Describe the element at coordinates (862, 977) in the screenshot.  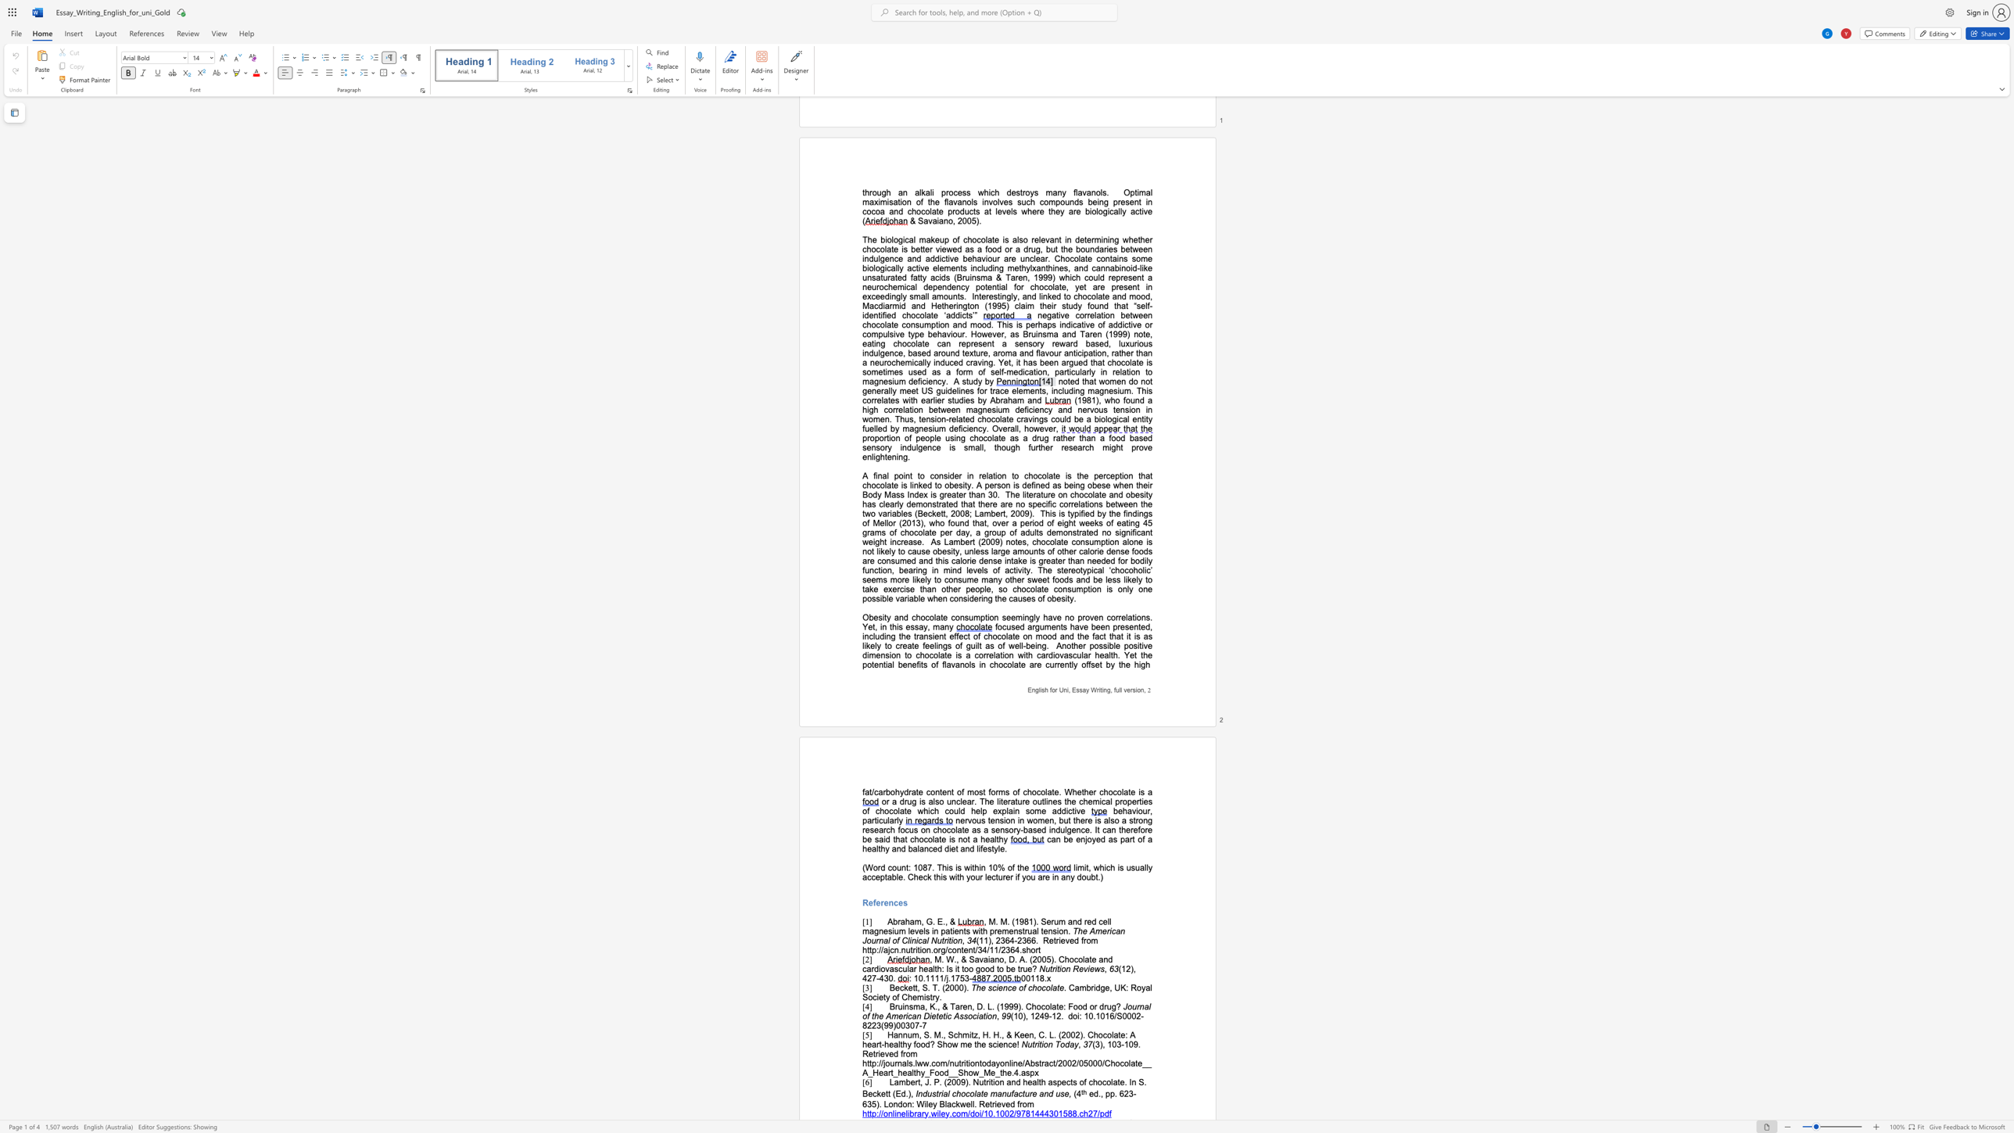
I see `the subset text "427-4" within the text "(12), 427-430."` at that location.